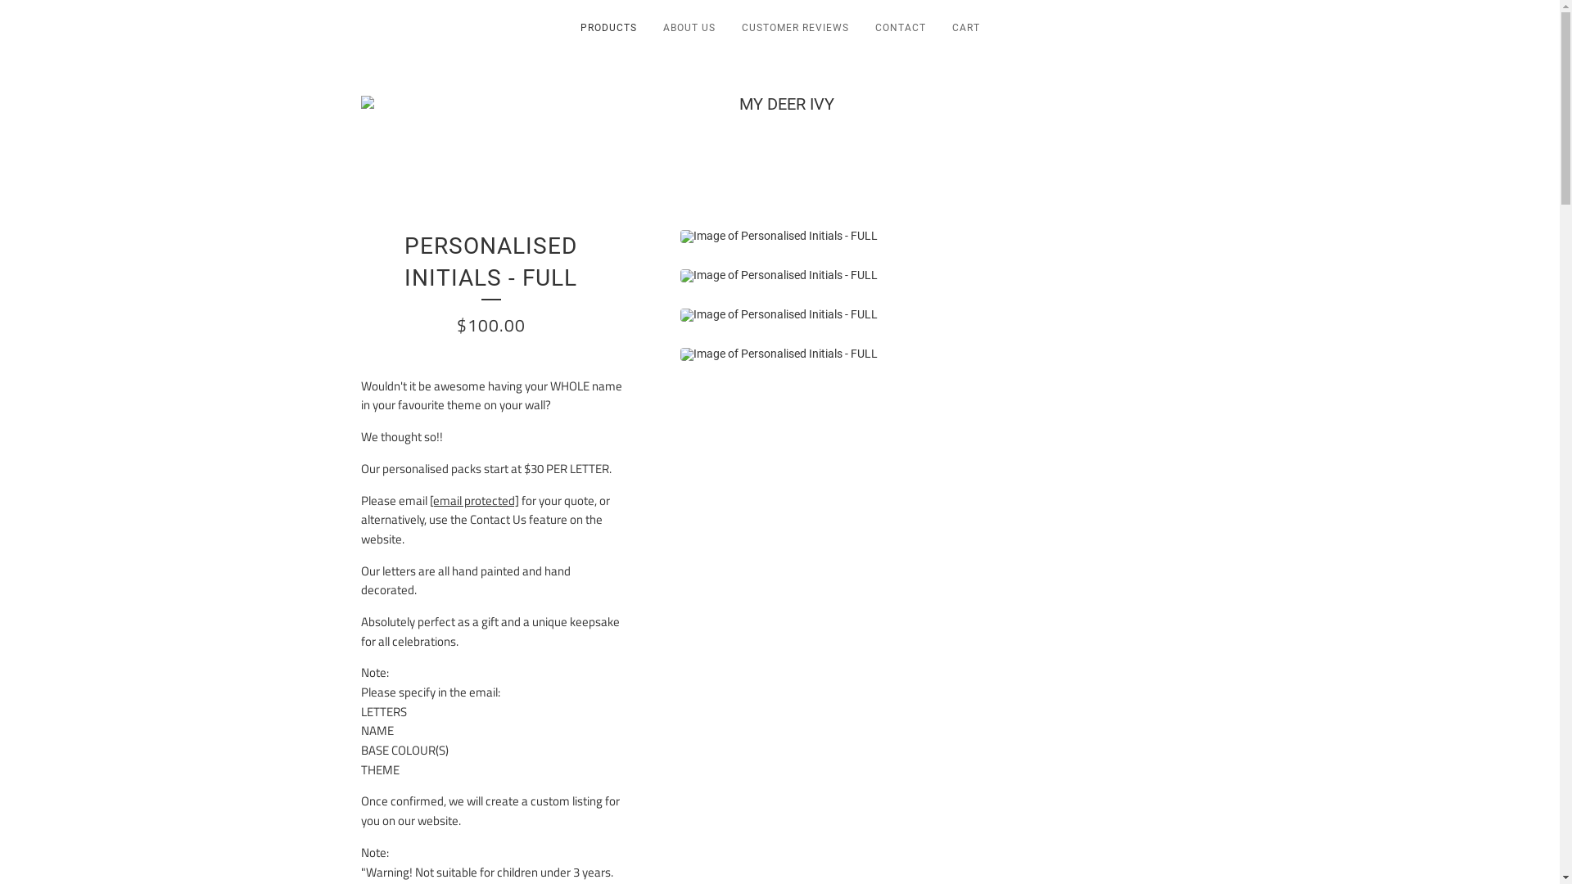  I want to click on 'CUSTOMER REVIEWS', so click(795, 31).